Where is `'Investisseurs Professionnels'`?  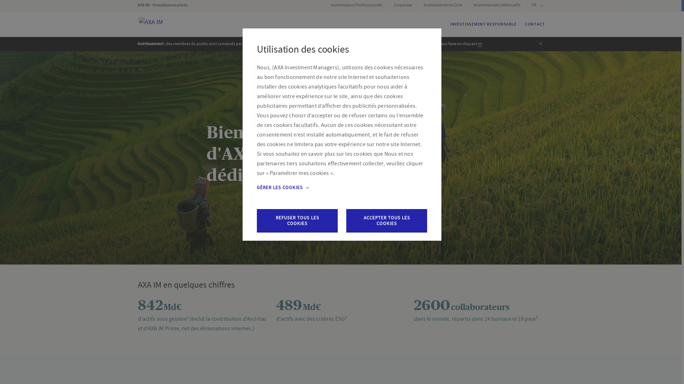
'Investisseurs Professionnels' is located at coordinates (357, 5).